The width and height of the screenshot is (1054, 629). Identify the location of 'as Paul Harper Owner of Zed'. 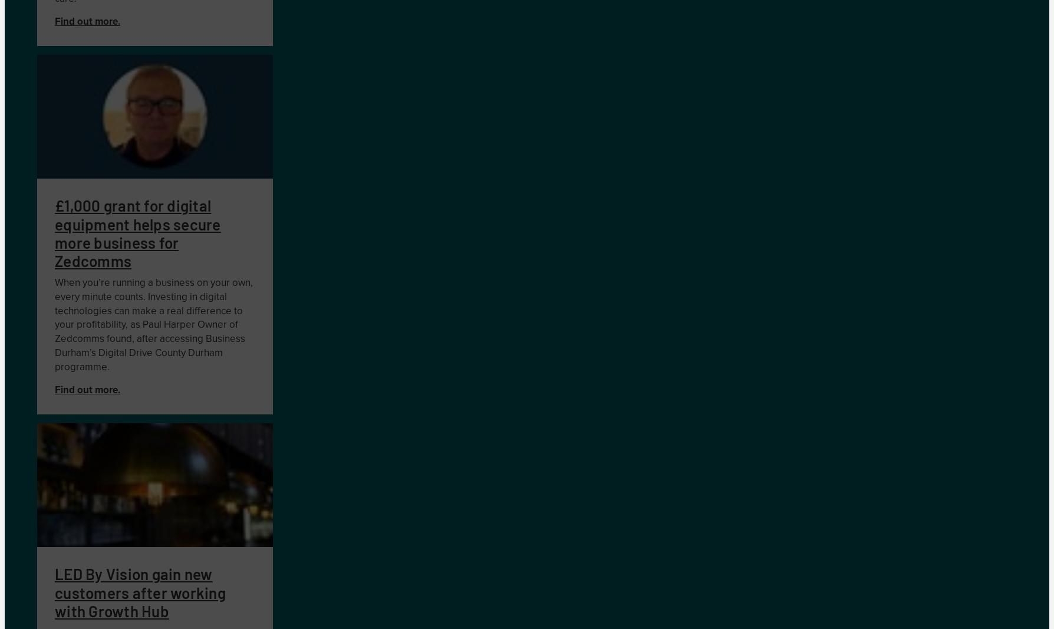
(54, 331).